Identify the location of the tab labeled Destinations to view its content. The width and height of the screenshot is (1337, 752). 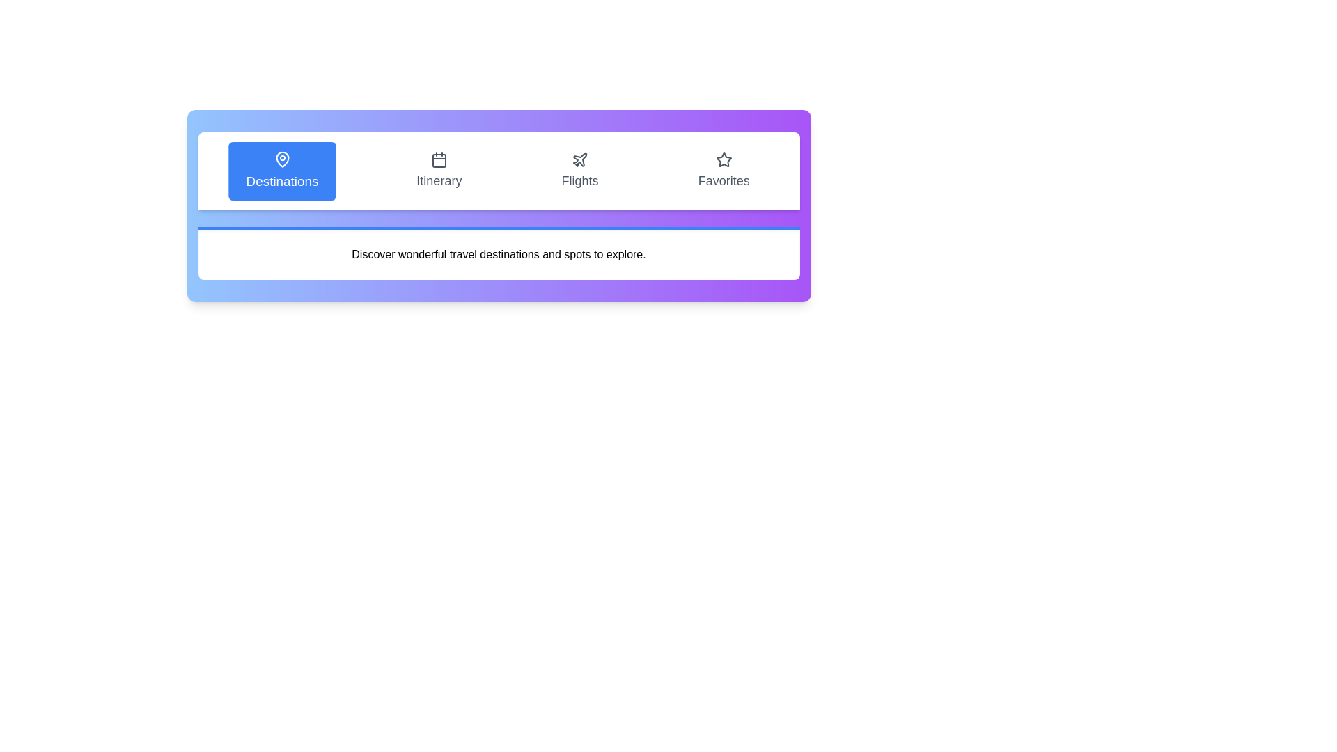
(281, 171).